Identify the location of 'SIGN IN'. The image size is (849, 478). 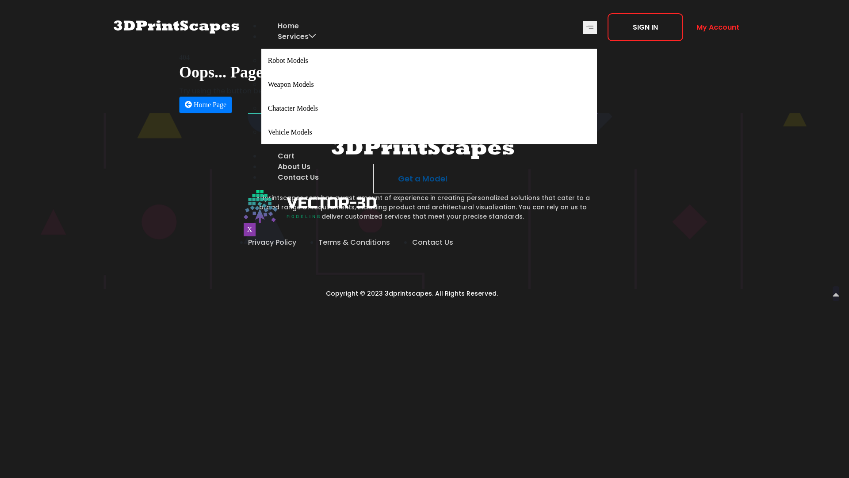
(607, 27).